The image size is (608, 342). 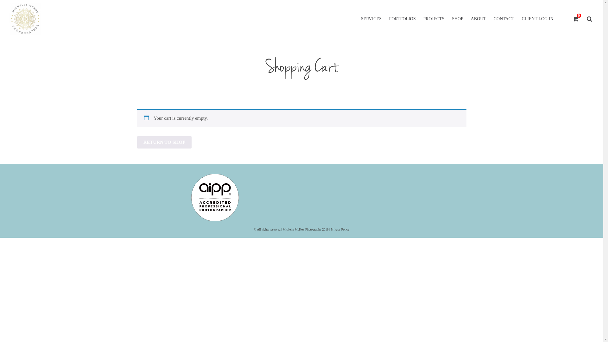 What do you see at coordinates (478, 19) in the screenshot?
I see `'ABOUT'` at bounding box center [478, 19].